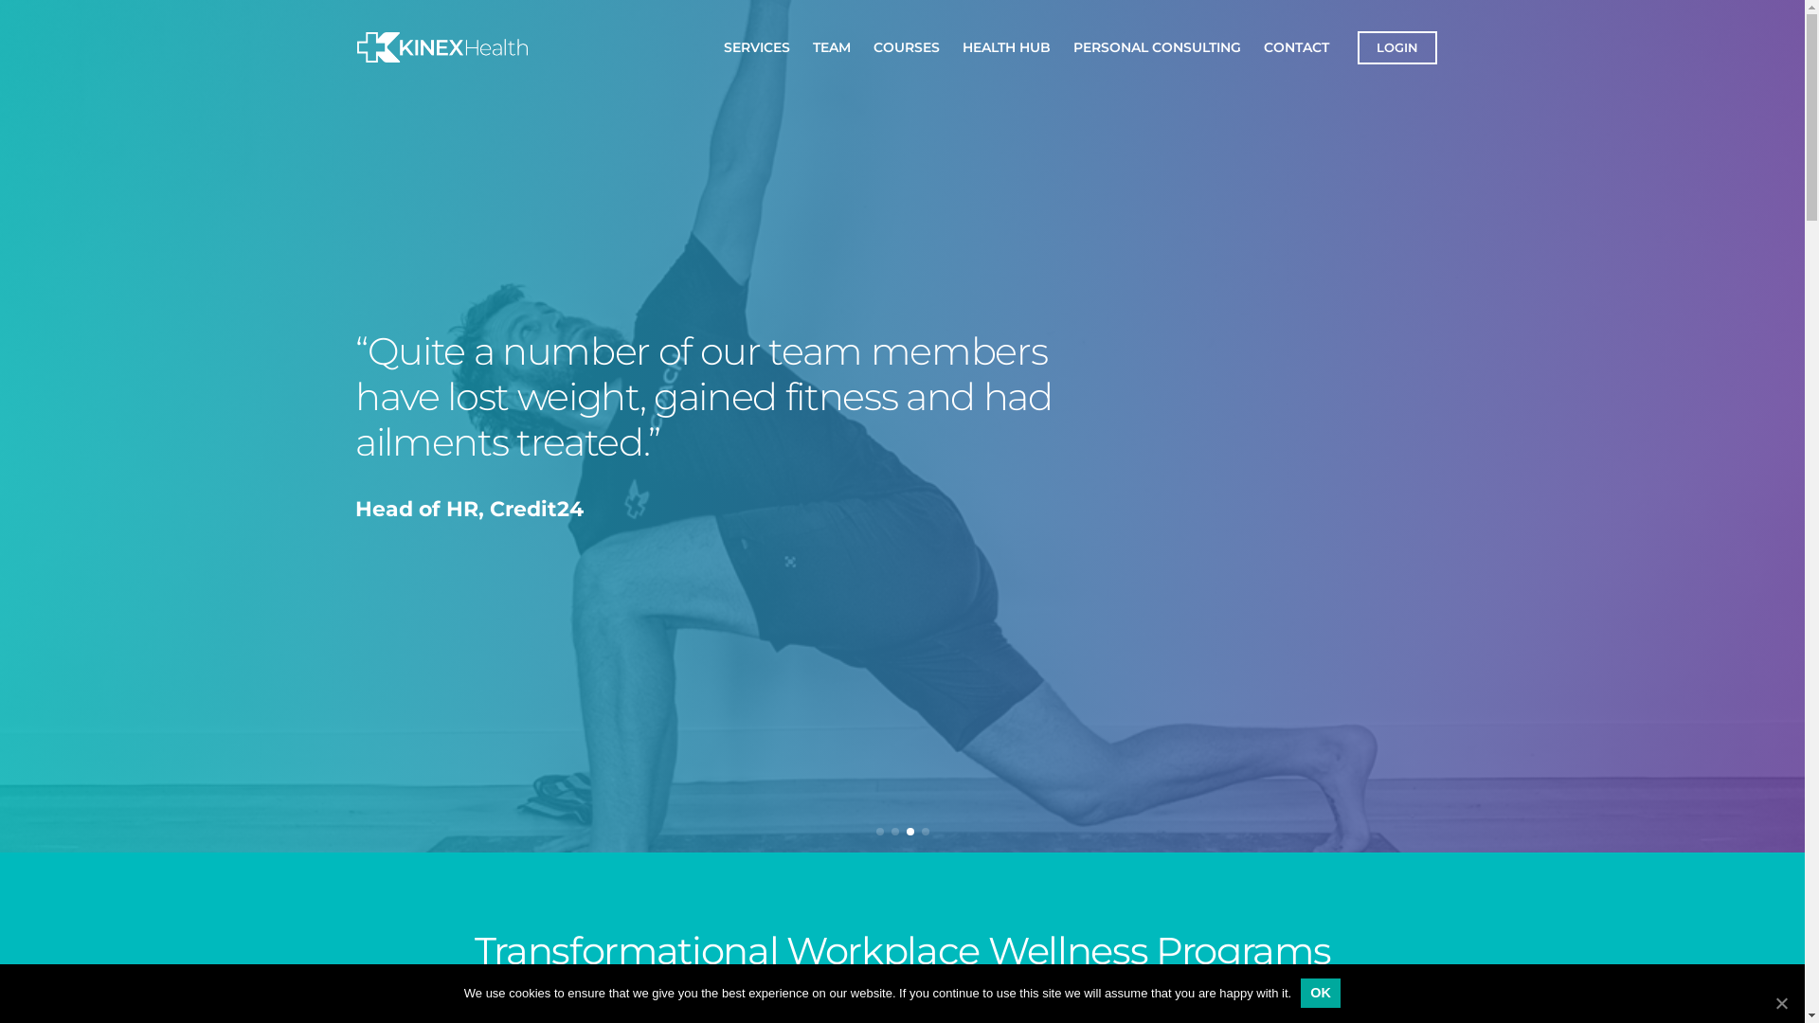  Describe the element at coordinates (1155, 45) in the screenshot. I see `'PERSONAL CONSULTING'` at that location.